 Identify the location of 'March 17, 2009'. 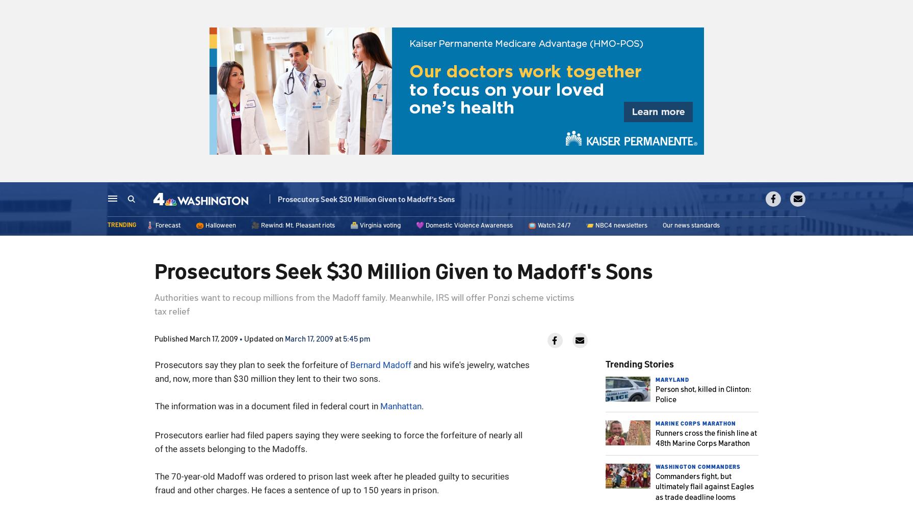
(308, 337).